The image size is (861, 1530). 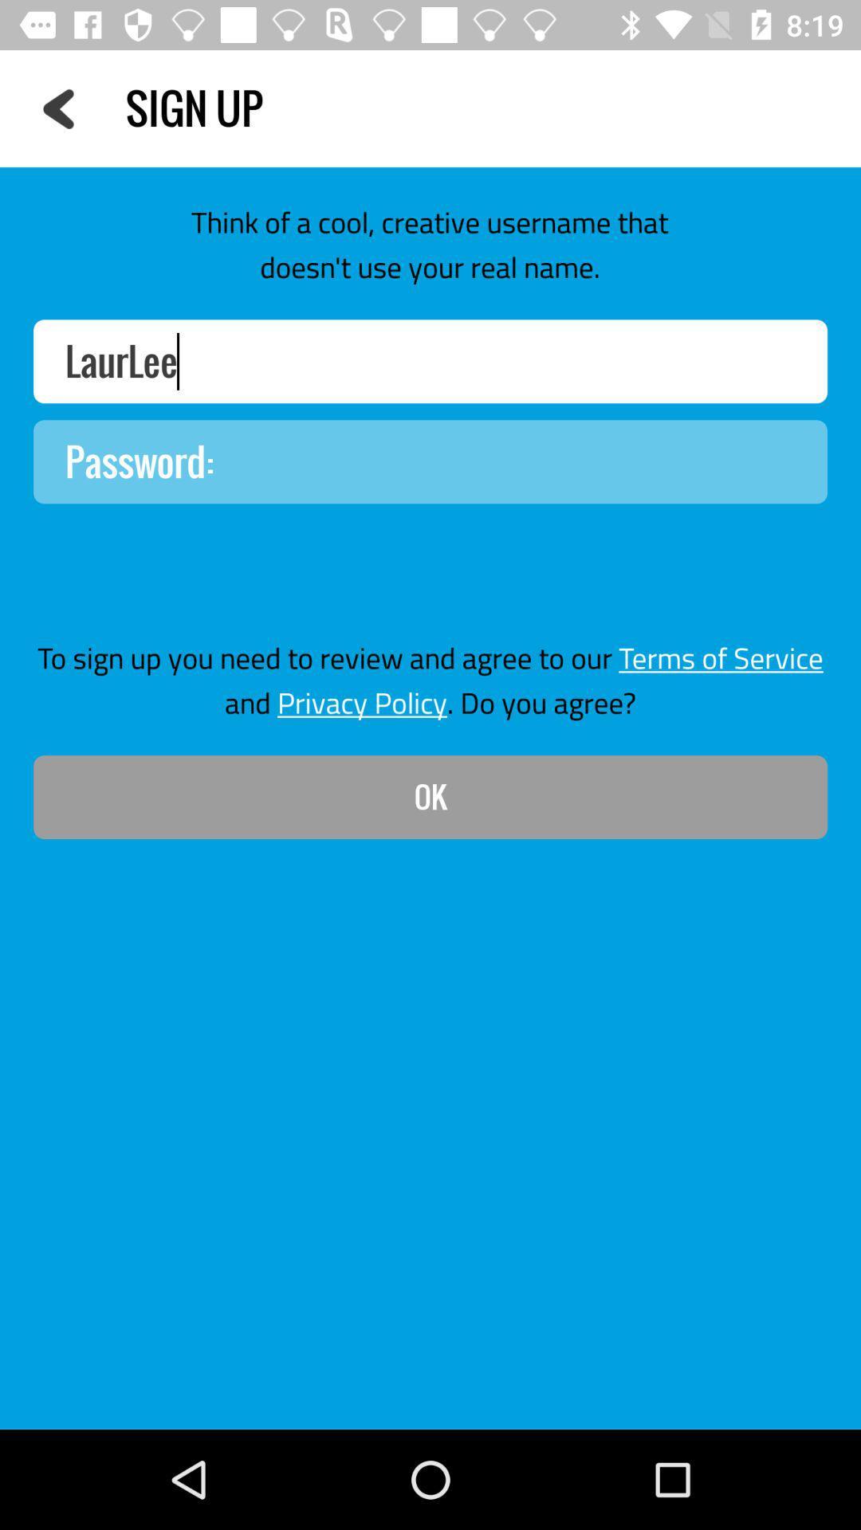 What do you see at coordinates (431, 461) in the screenshot?
I see `area to input password` at bounding box center [431, 461].